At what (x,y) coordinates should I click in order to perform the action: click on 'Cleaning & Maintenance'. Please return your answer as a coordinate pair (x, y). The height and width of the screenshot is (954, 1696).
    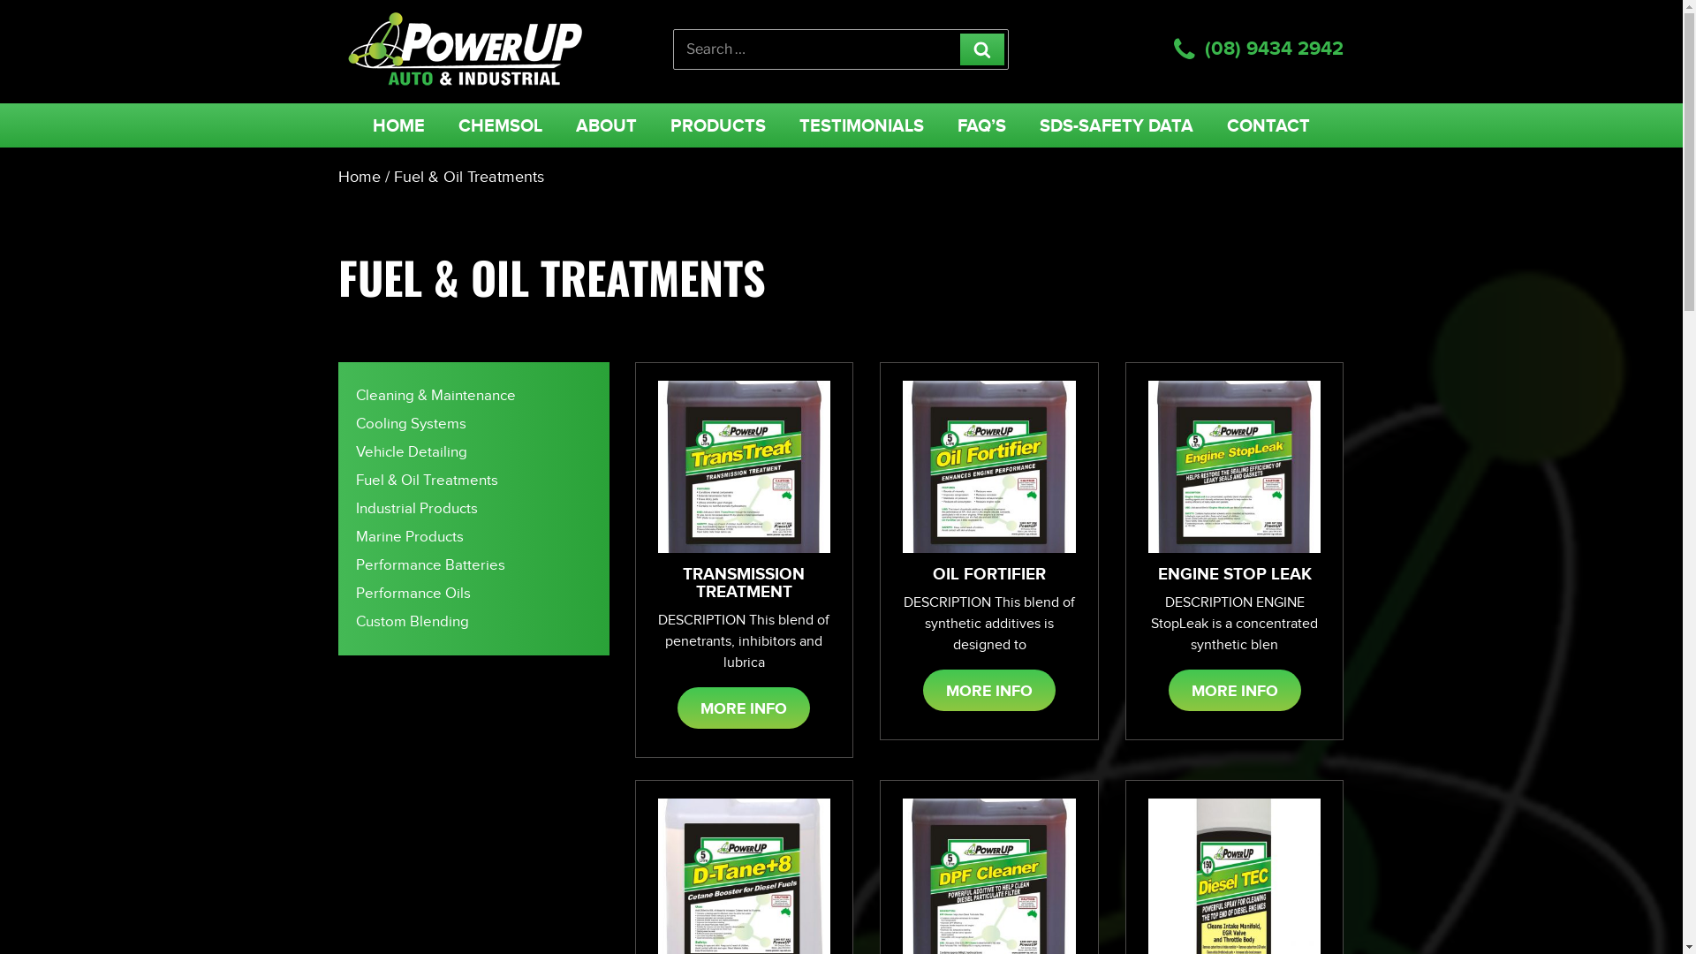
    Looking at the image, I should click on (354, 394).